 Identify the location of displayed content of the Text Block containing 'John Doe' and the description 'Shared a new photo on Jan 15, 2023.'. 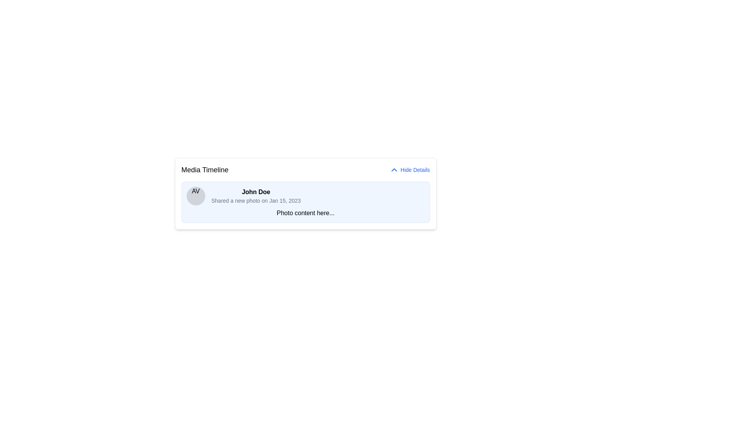
(256, 195).